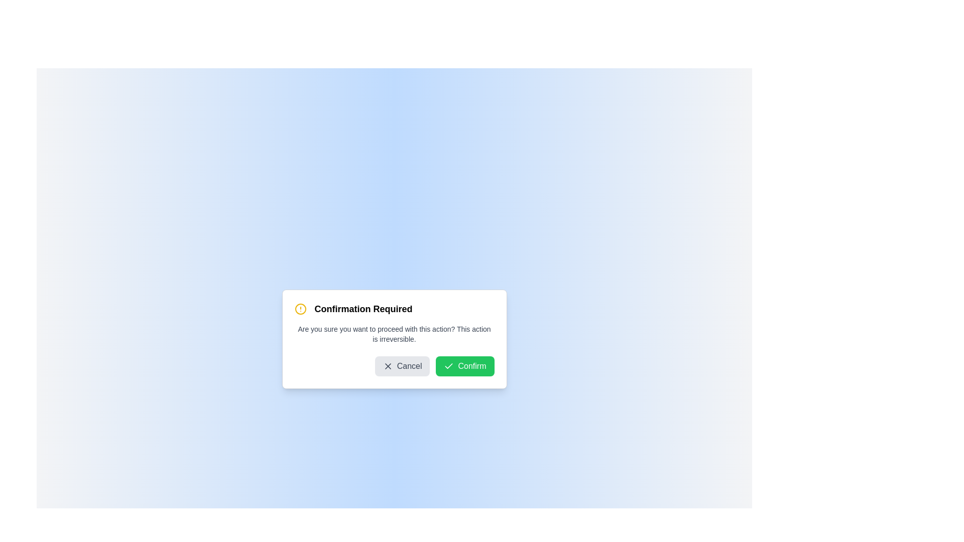 Image resolution: width=964 pixels, height=542 pixels. Describe the element at coordinates (394, 309) in the screenshot. I see `the Header element that displays a yellow warning icon followed by bold text reading 'Confirmation Required', located at the top of the dialog box` at that location.